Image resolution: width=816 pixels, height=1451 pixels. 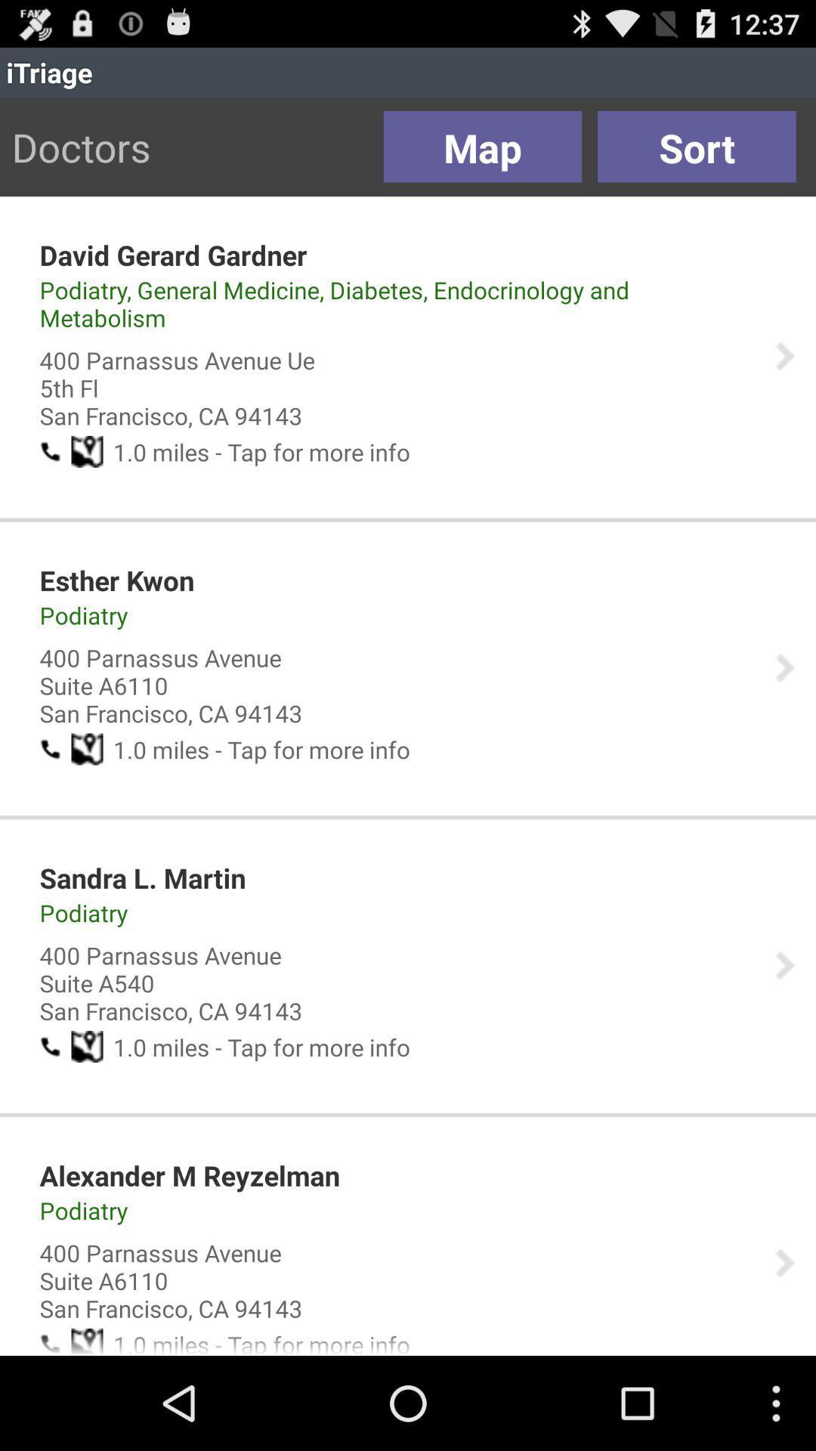 I want to click on the podiatry general medicine item, so click(x=396, y=303).